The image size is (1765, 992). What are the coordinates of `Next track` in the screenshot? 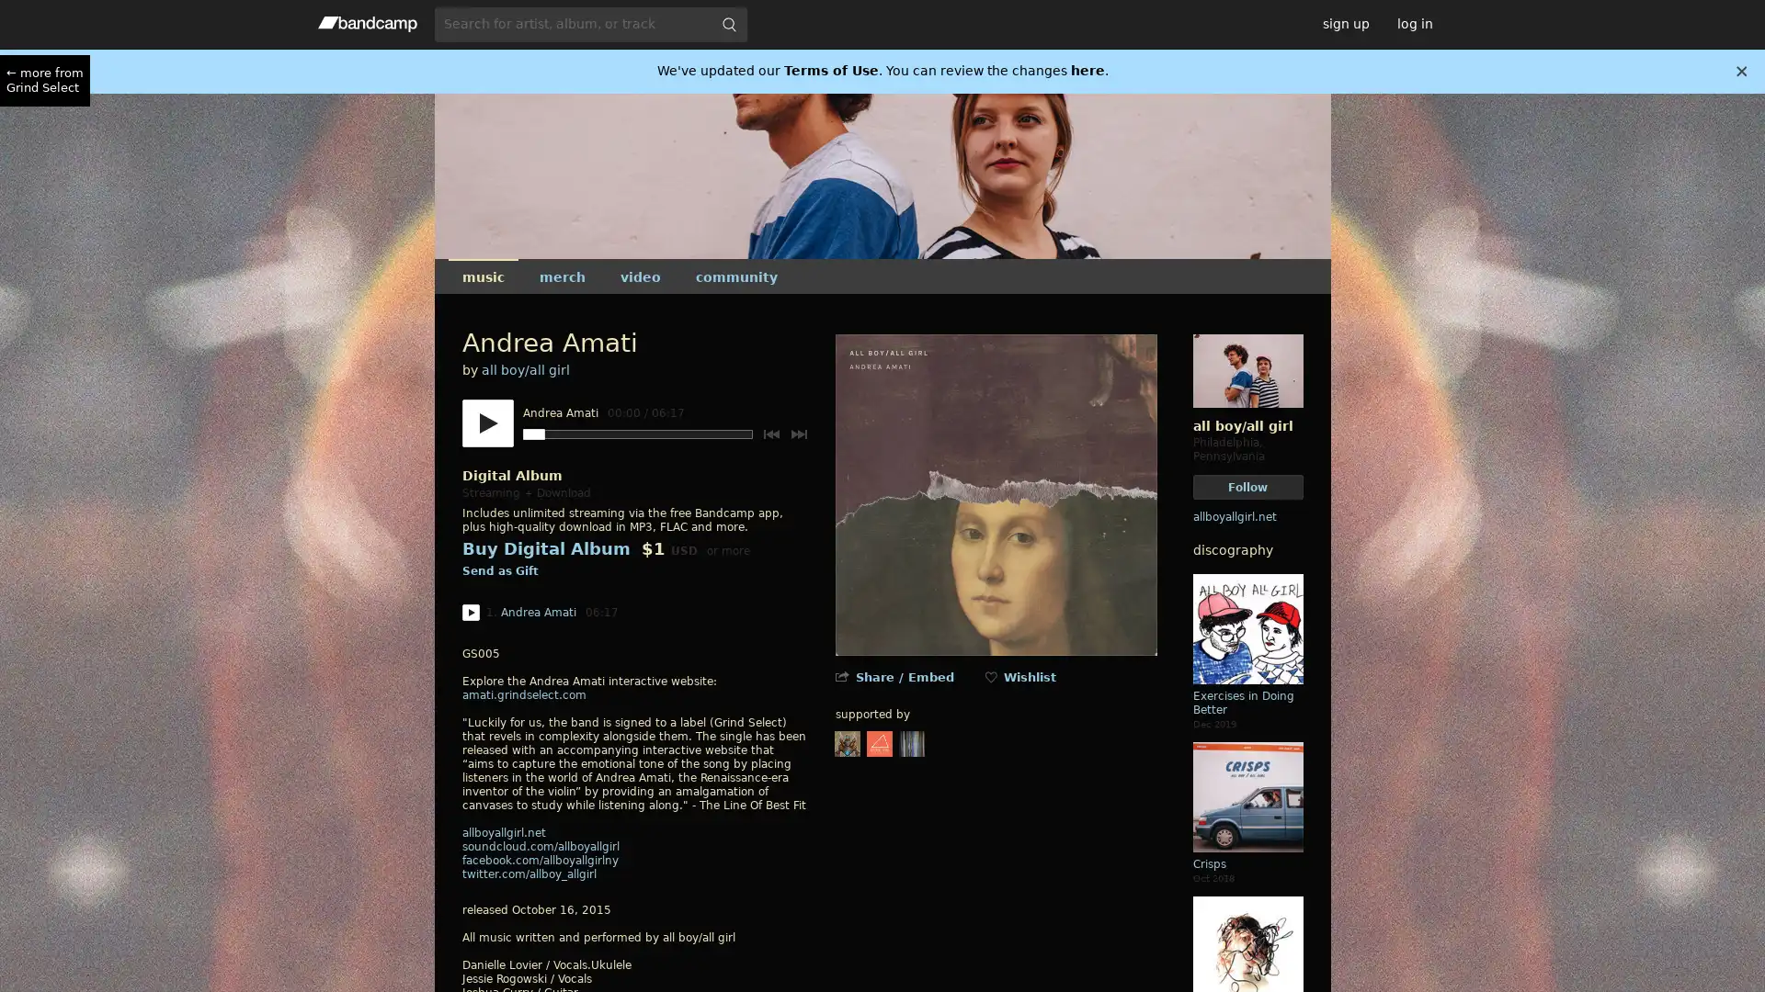 It's located at (798, 434).